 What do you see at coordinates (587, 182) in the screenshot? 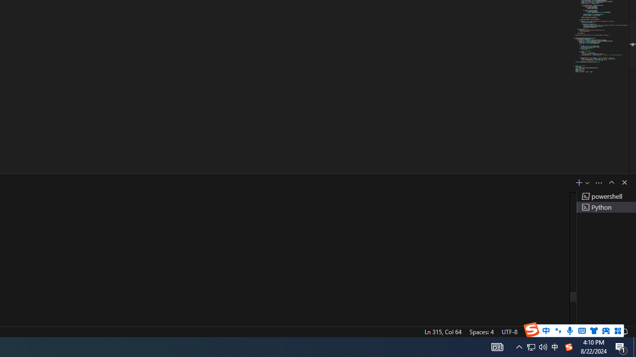
I see `'Launch Profile...'` at bounding box center [587, 182].